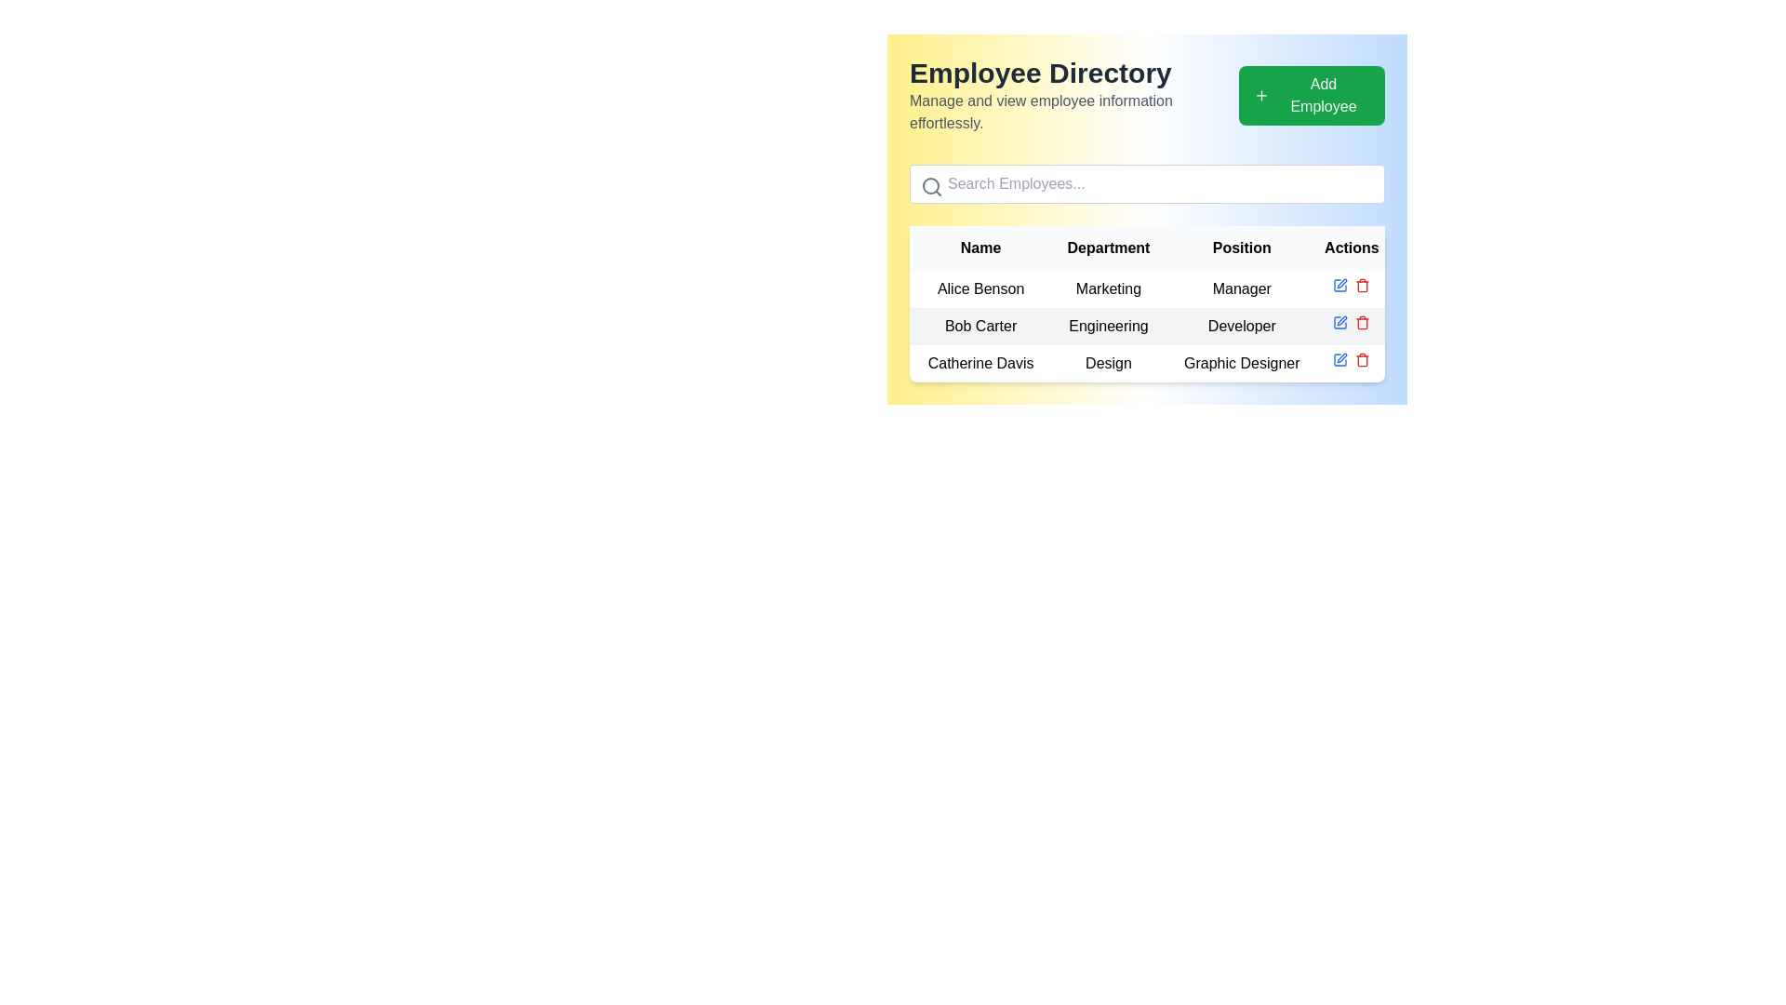 The width and height of the screenshot is (1786, 1005). What do you see at coordinates (980, 326) in the screenshot?
I see `the text label displaying the name 'Bob Carter'` at bounding box center [980, 326].